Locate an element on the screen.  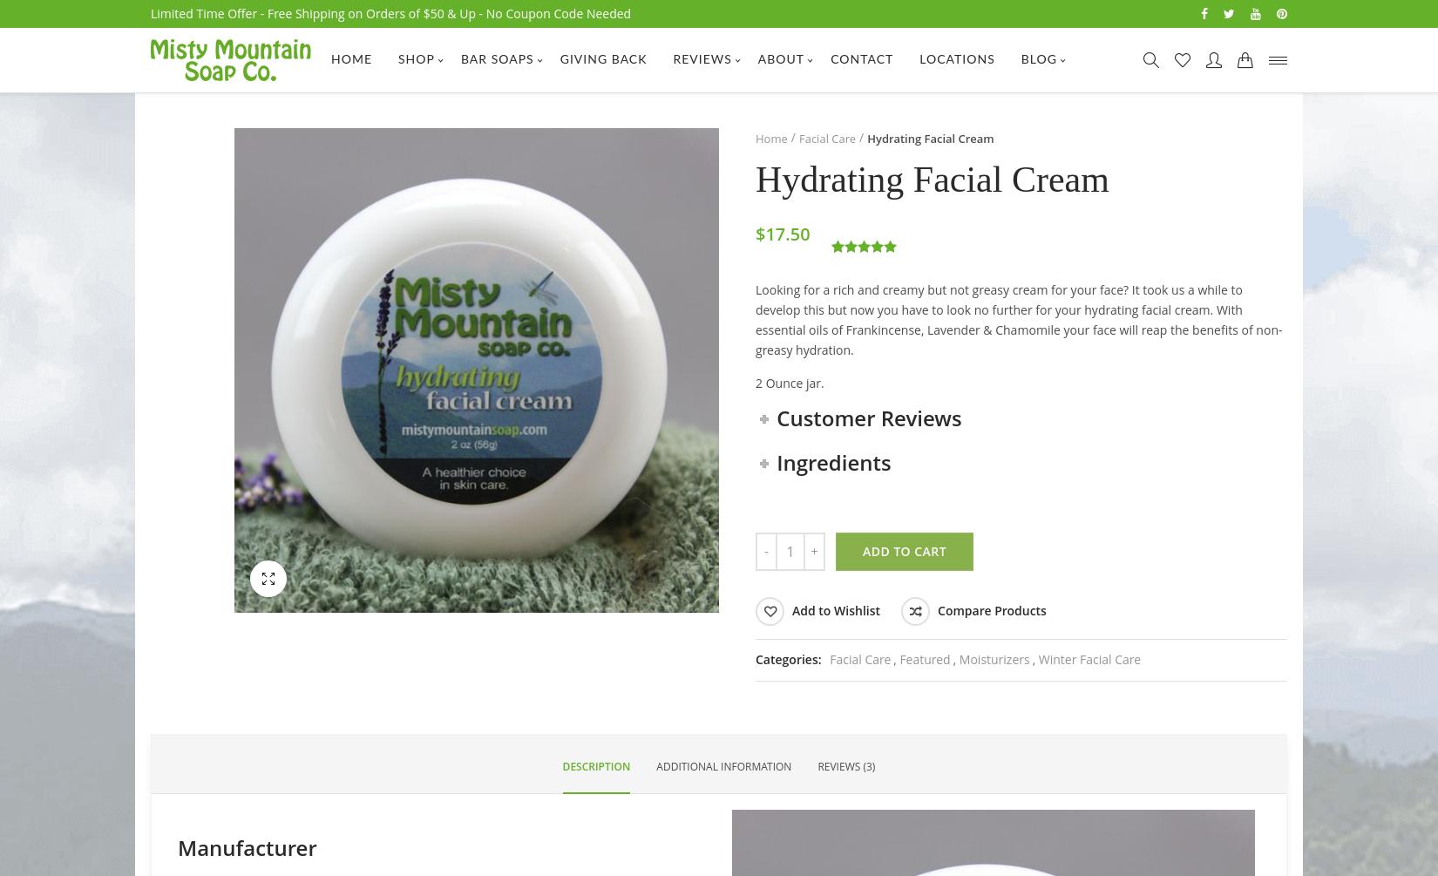
'Compare Products' is located at coordinates (992, 610).